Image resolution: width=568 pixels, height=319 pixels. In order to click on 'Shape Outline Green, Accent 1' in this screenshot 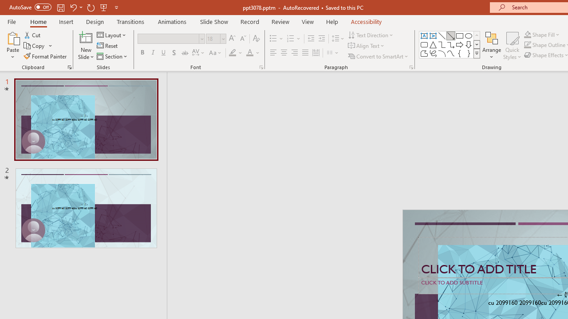, I will do `click(528, 45)`.